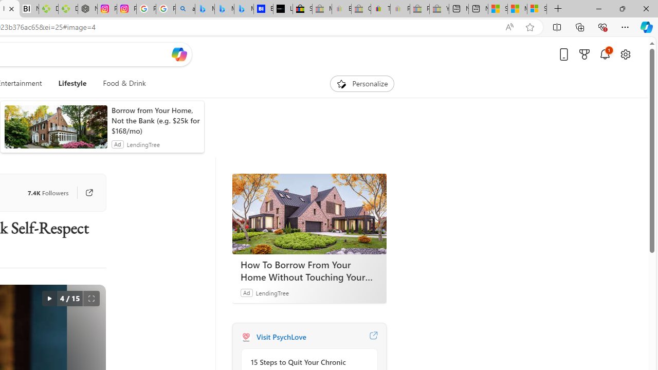 This screenshot has width=658, height=370. What do you see at coordinates (439, 9) in the screenshot?
I see `'Yard, Garden & Outdoor Living - Sleeping'` at bounding box center [439, 9].